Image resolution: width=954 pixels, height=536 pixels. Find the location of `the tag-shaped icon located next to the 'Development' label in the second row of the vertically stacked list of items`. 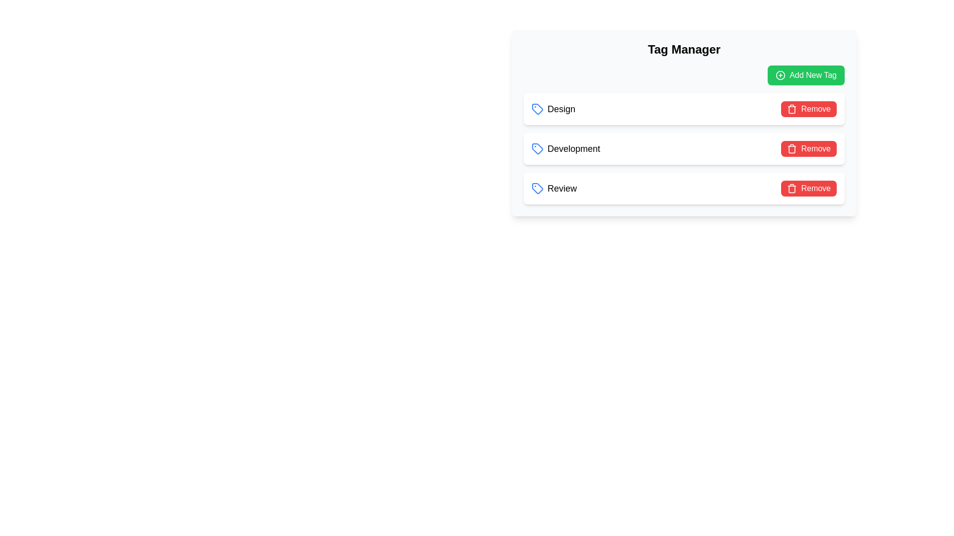

the tag-shaped icon located next to the 'Development' label in the second row of the vertically stacked list of items is located at coordinates (537, 149).